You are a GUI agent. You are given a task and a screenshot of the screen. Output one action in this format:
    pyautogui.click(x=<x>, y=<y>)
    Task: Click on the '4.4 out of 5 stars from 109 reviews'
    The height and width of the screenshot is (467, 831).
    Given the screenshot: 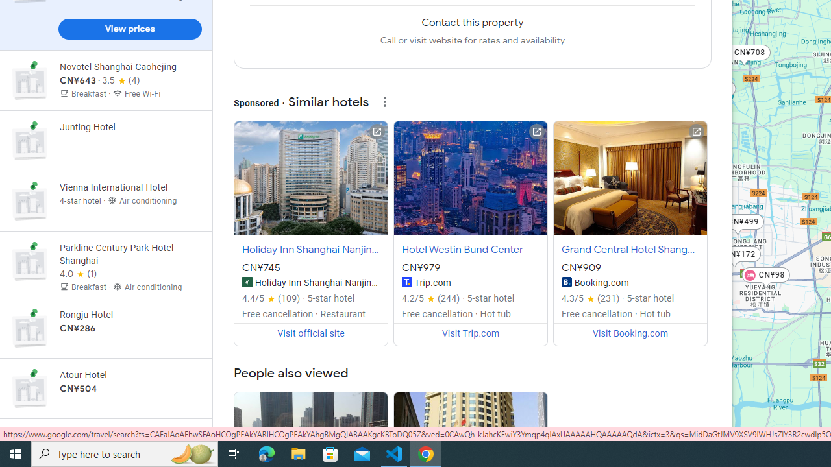 What is the action you would take?
    pyautogui.click(x=270, y=298)
    